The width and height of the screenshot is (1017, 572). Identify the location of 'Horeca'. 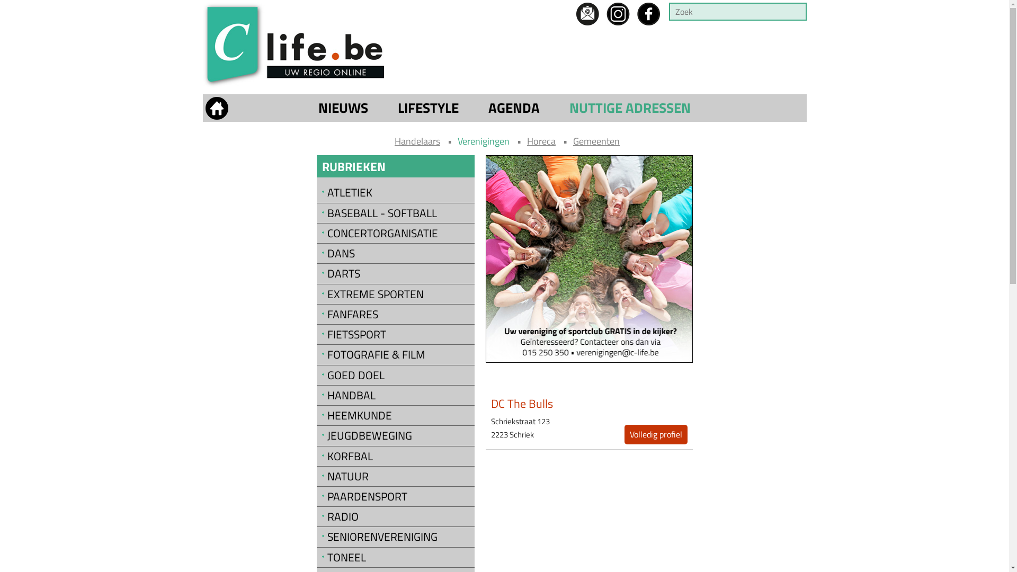
(527, 140).